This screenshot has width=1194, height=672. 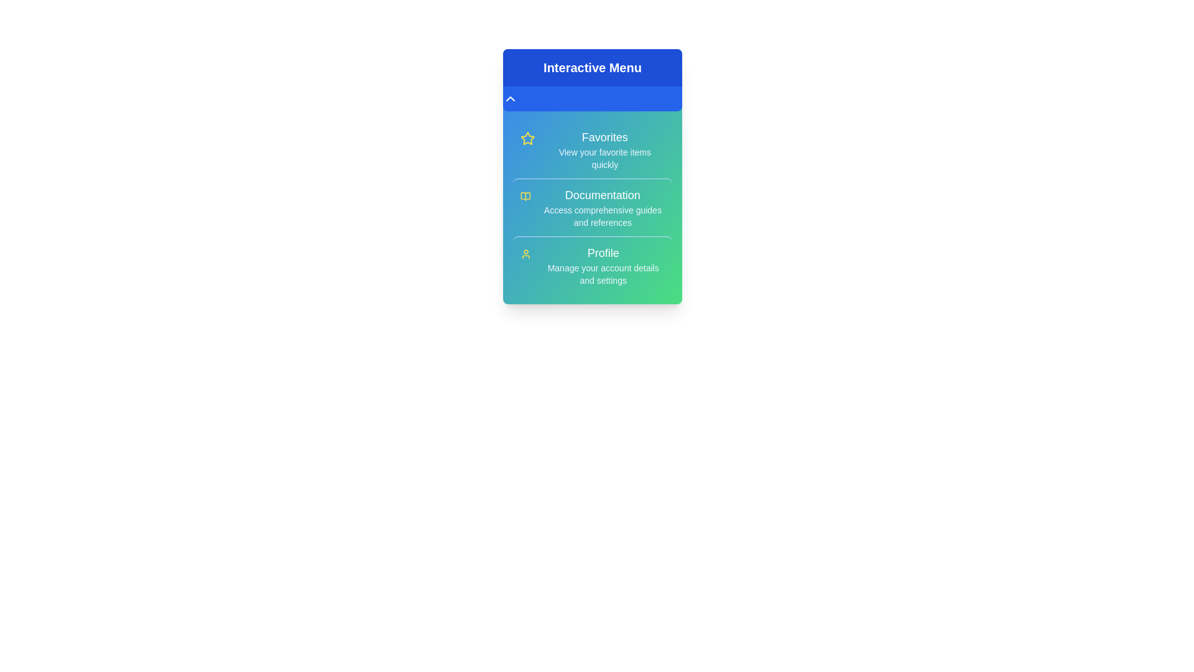 What do you see at coordinates (592, 206) in the screenshot?
I see `the menu item with the title Documentation from the menu` at bounding box center [592, 206].